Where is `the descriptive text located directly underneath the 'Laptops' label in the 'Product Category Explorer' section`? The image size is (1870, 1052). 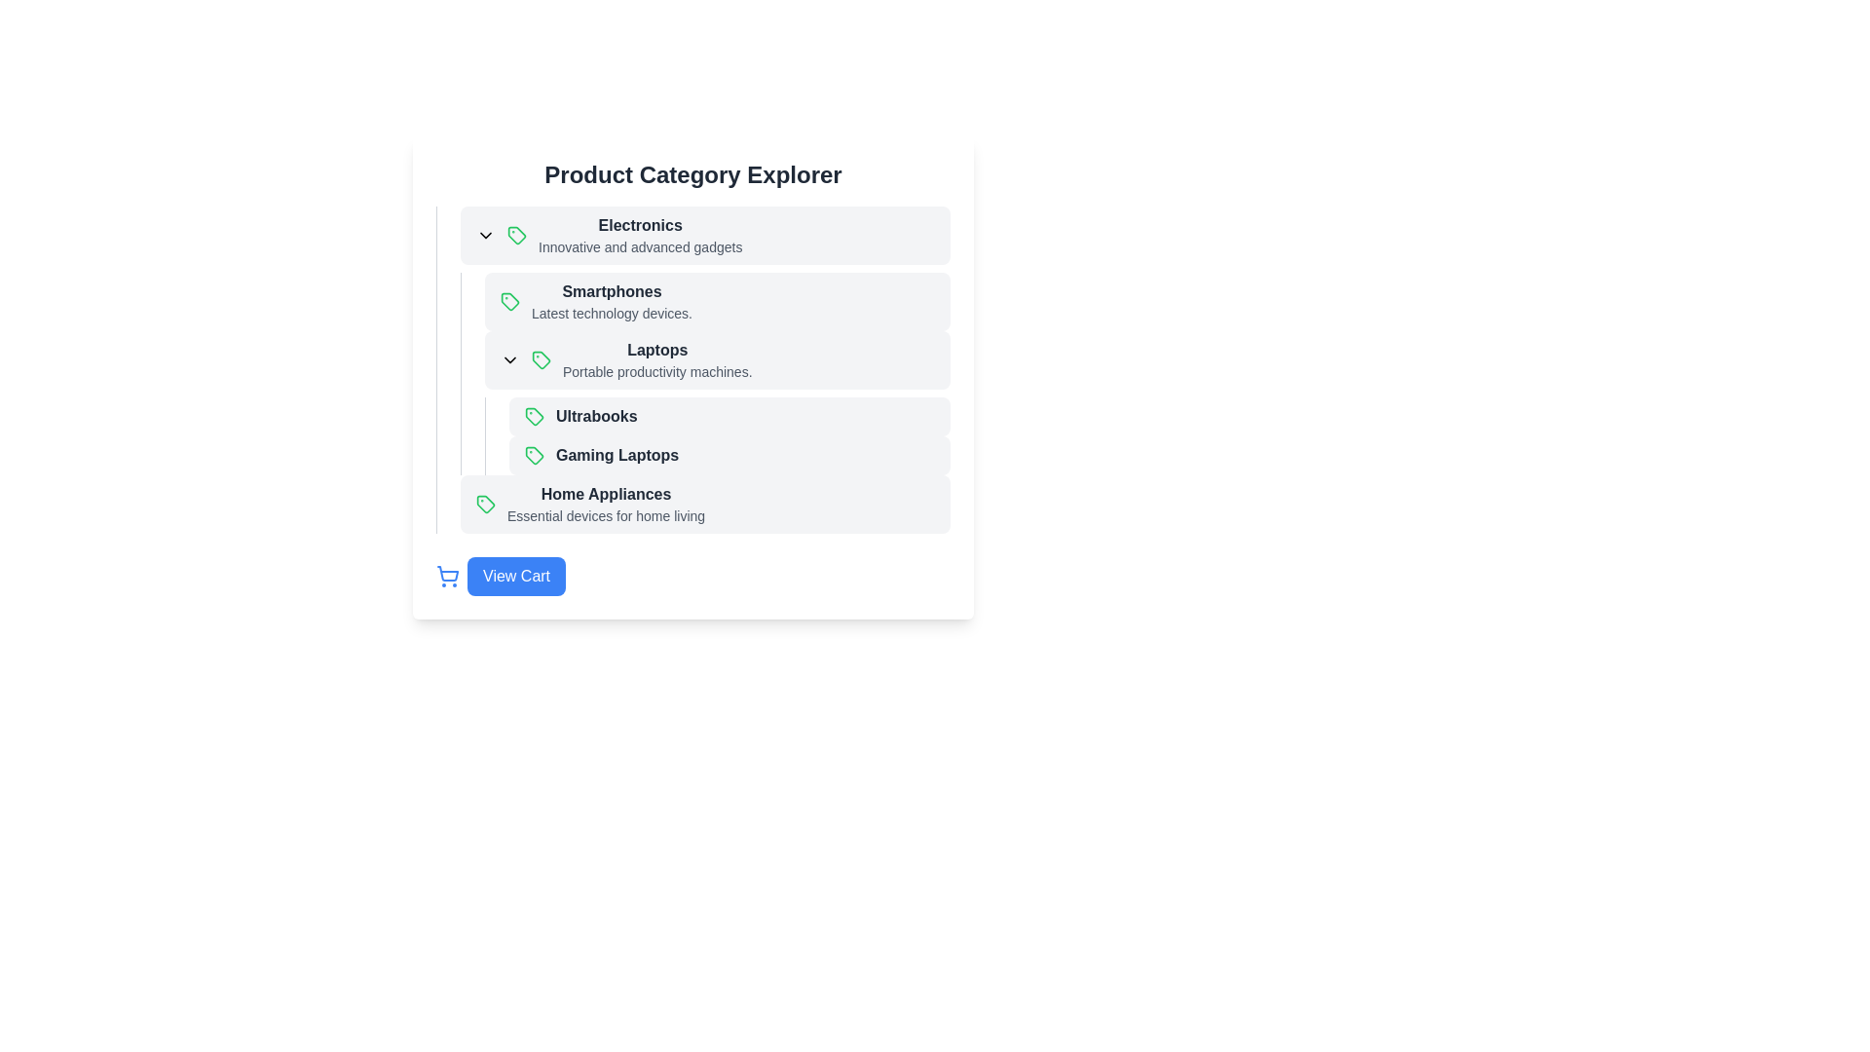
the descriptive text located directly underneath the 'Laptops' label in the 'Product Category Explorer' section is located at coordinates (657, 371).